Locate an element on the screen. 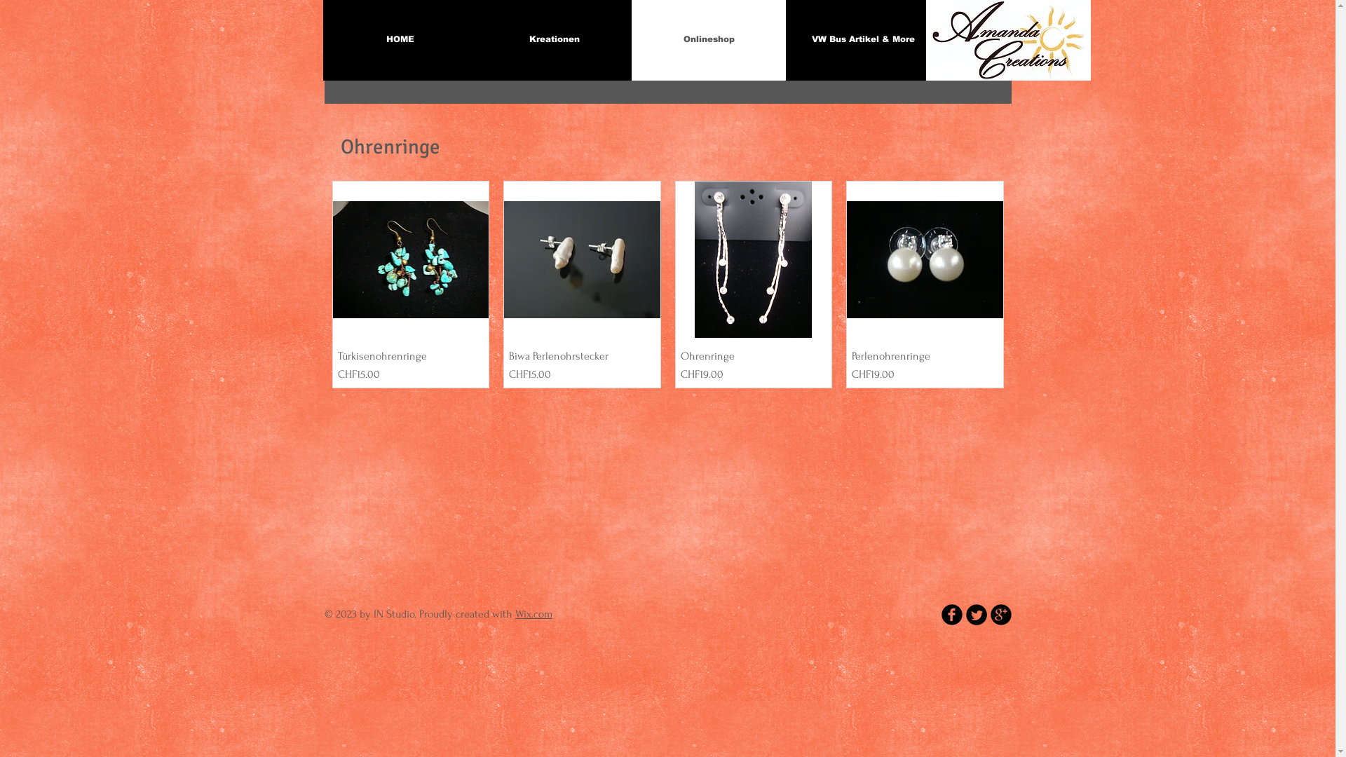 Image resolution: width=1346 pixels, height=757 pixels. 'Perlenohrenringe is located at coordinates (925, 365).